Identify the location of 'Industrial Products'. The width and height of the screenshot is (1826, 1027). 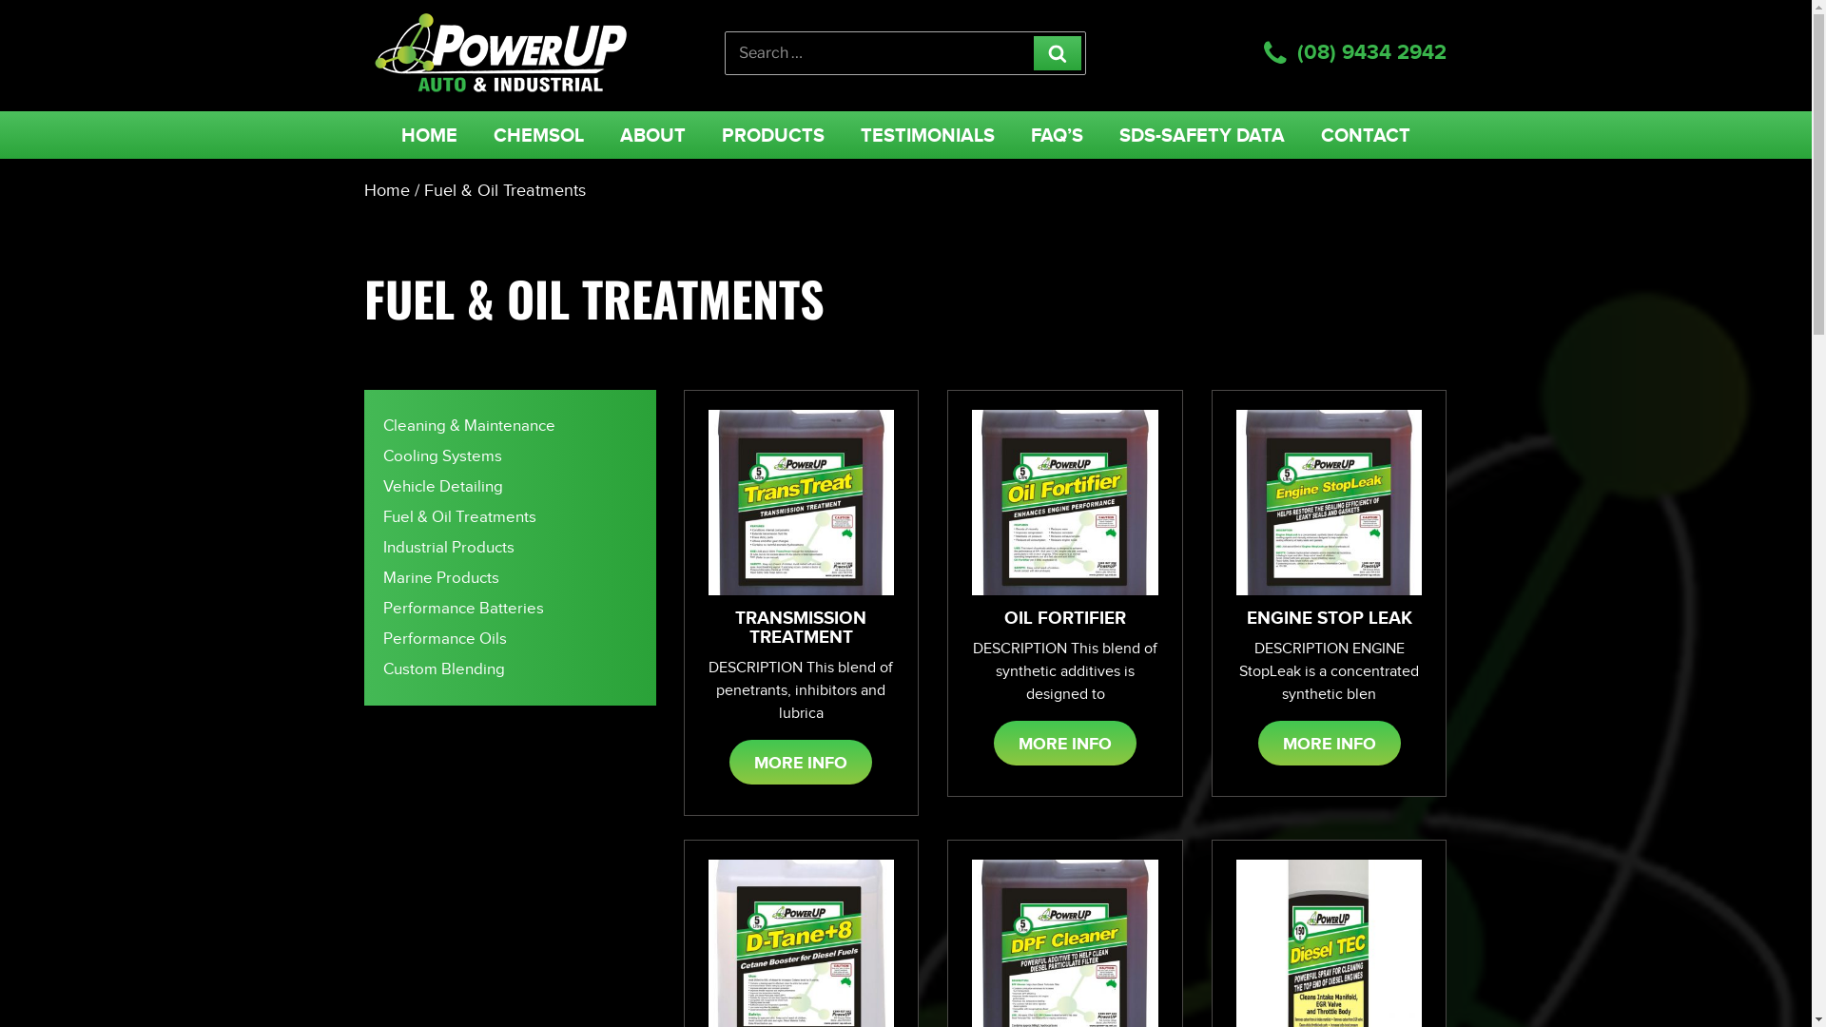
(446, 547).